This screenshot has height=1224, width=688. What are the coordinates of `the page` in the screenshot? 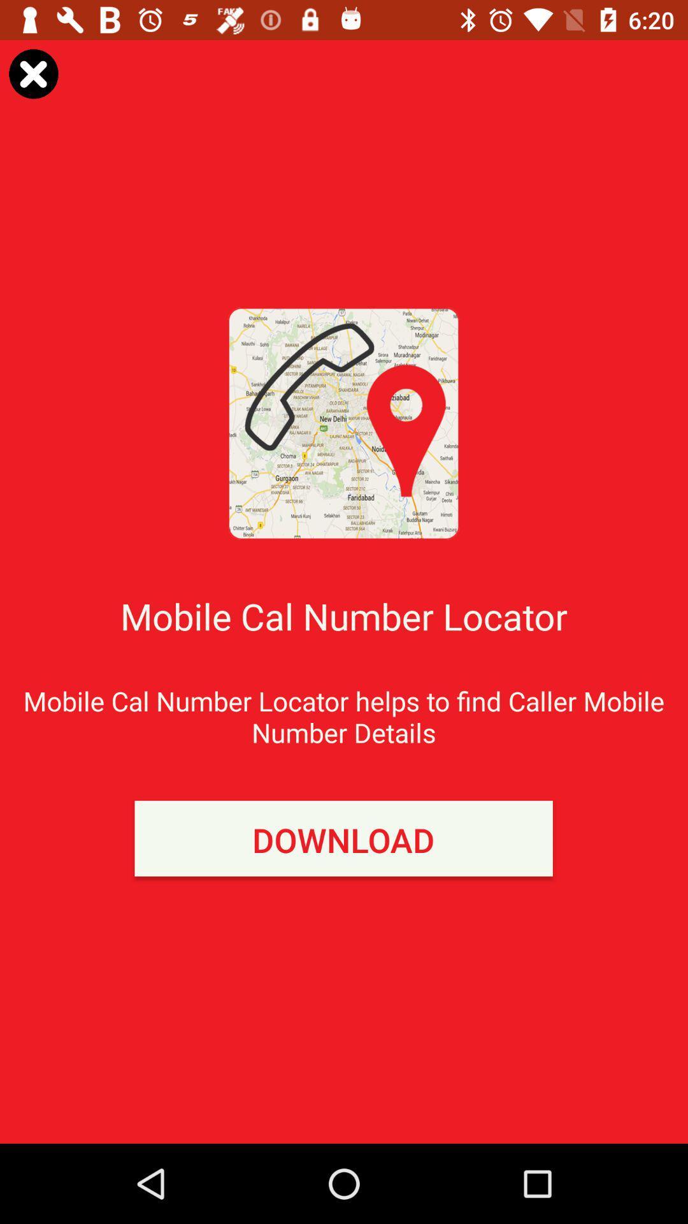 It's located at (32, 73).